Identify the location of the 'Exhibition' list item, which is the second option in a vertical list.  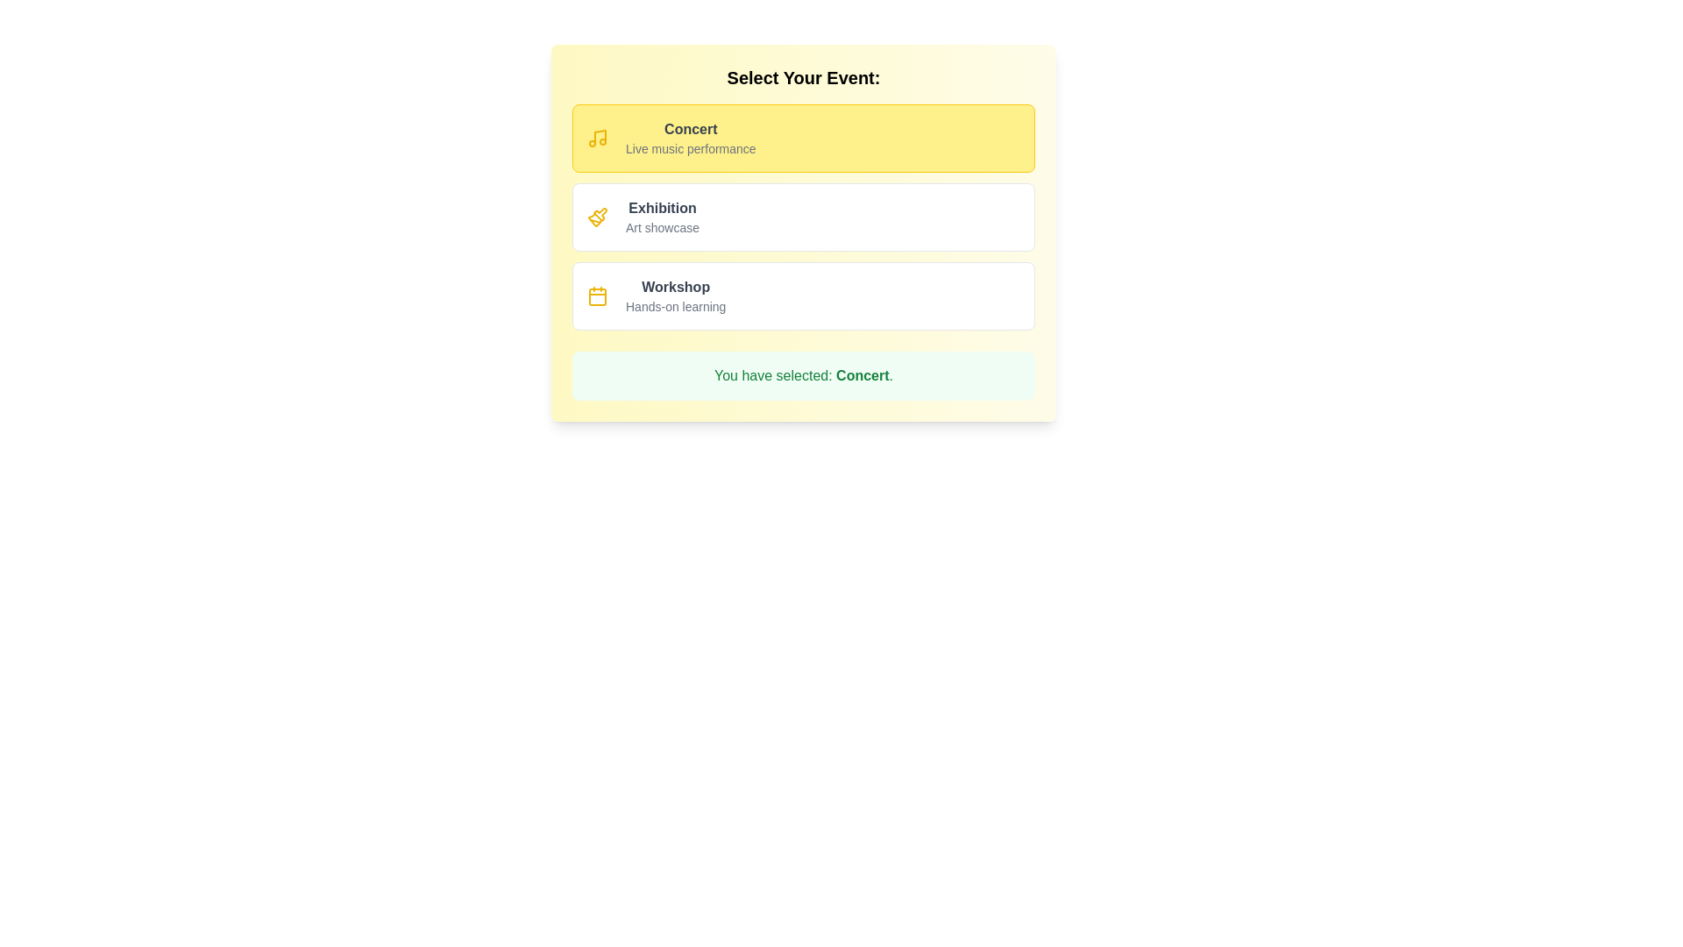
(802, 216).